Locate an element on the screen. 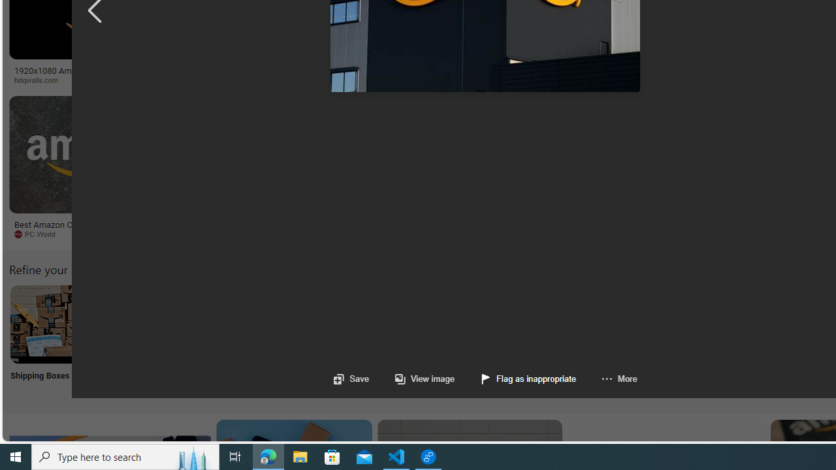 The width and height of the screenshot is (836, 470). 'Shipping Boxes' is located at coordinates (48, 340).